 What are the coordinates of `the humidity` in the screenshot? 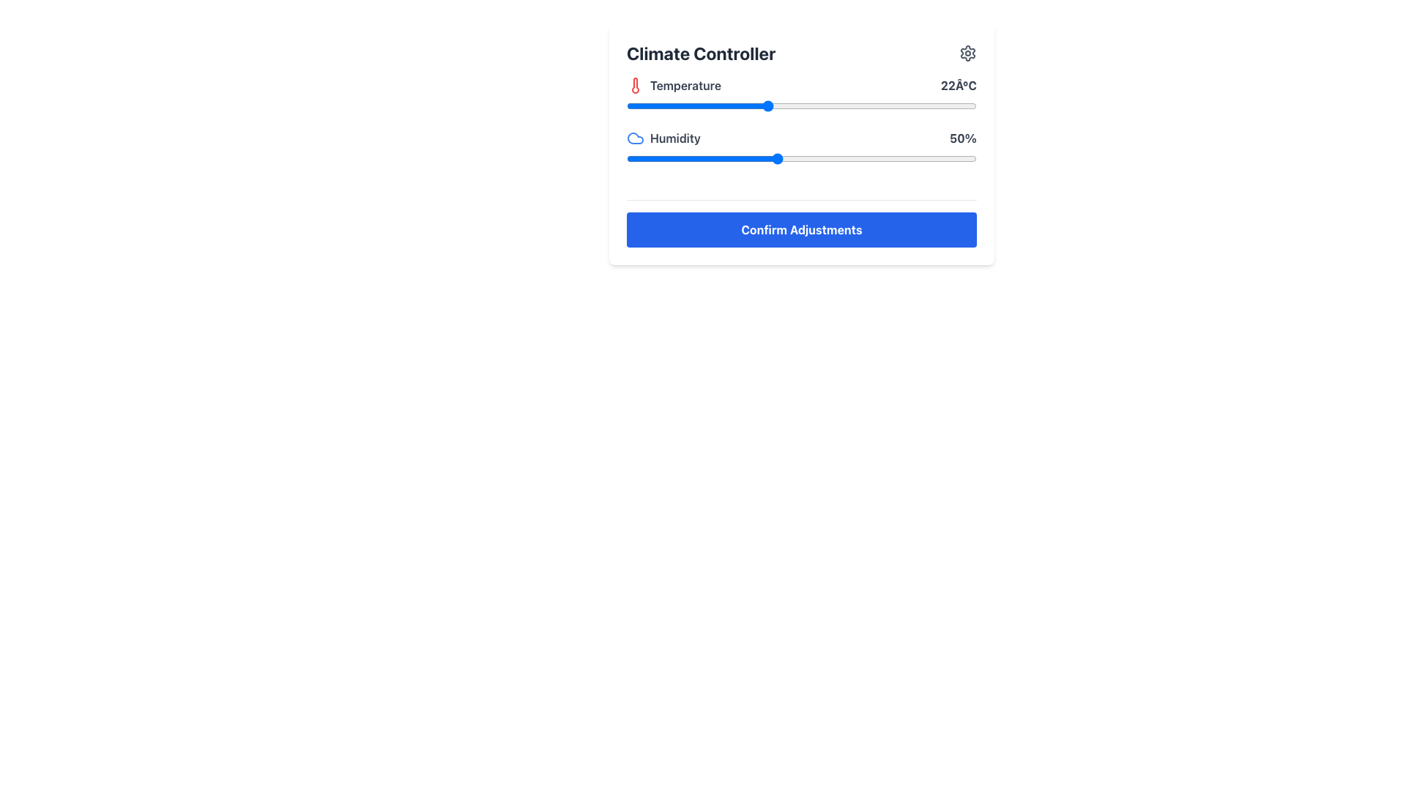 It's located at (920, 158).